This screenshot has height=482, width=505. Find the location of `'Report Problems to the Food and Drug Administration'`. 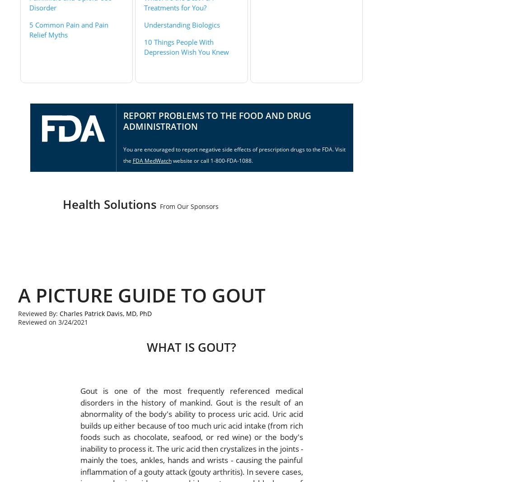

'Report Problems to the Food and Drug Administration' is located at coordinates (216, 120).